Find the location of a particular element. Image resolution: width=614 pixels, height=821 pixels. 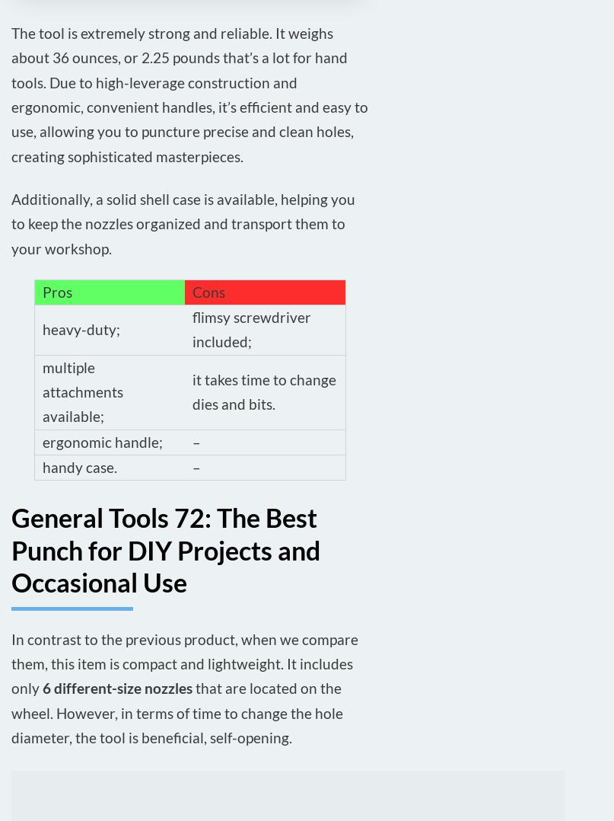

'it takes time to change dies and bits.' is located at coordinates (263, 391).